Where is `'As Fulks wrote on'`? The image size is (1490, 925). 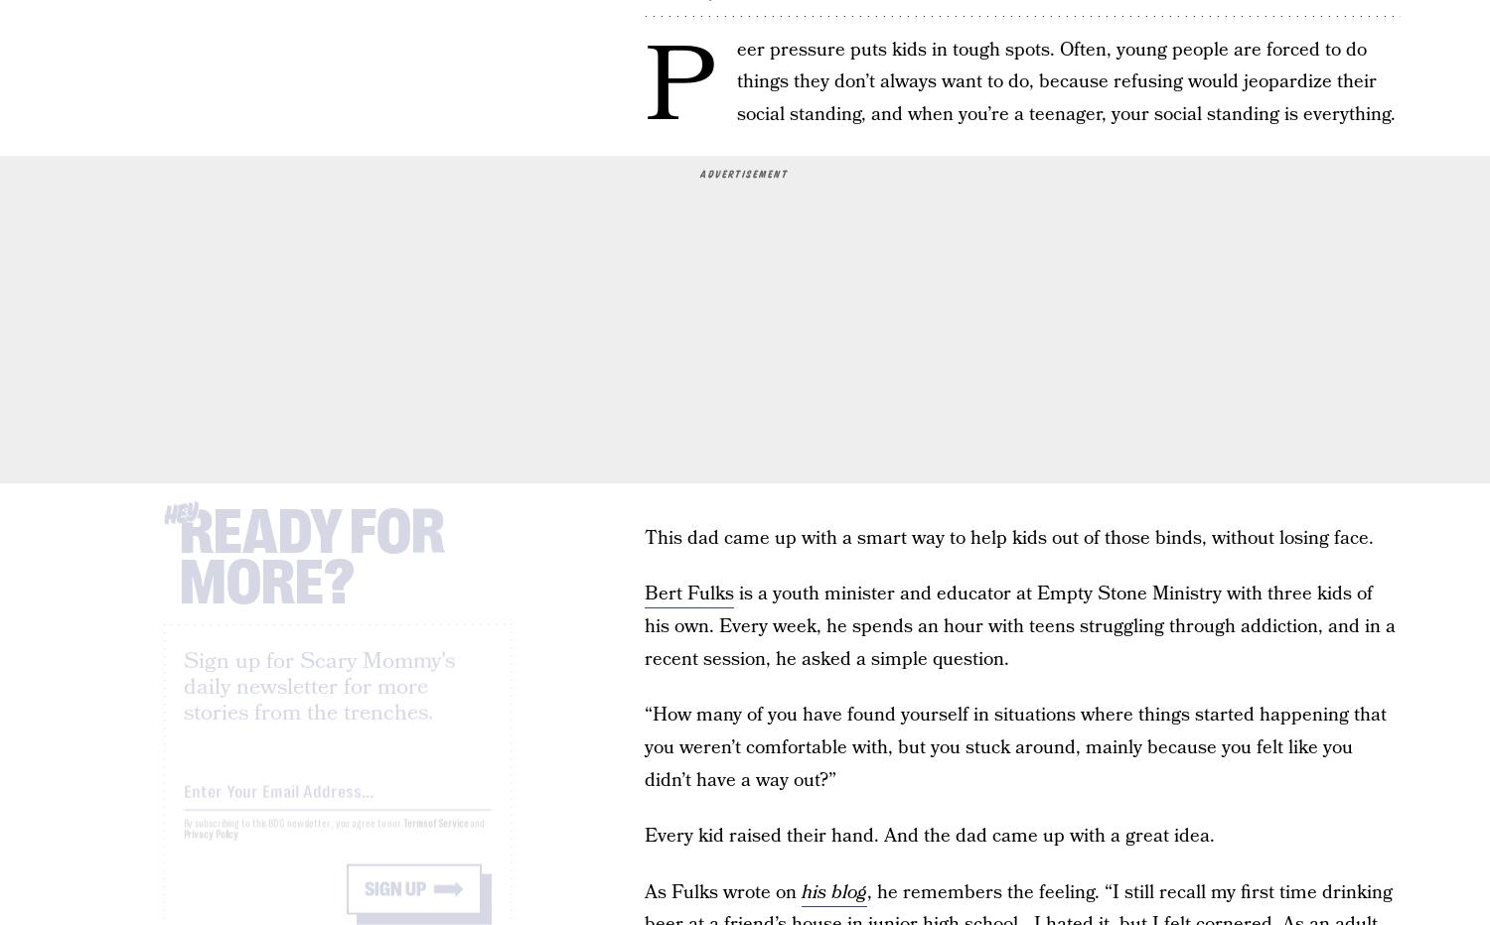 'As Fulks wrote on' is located at coordinates (645, 891).